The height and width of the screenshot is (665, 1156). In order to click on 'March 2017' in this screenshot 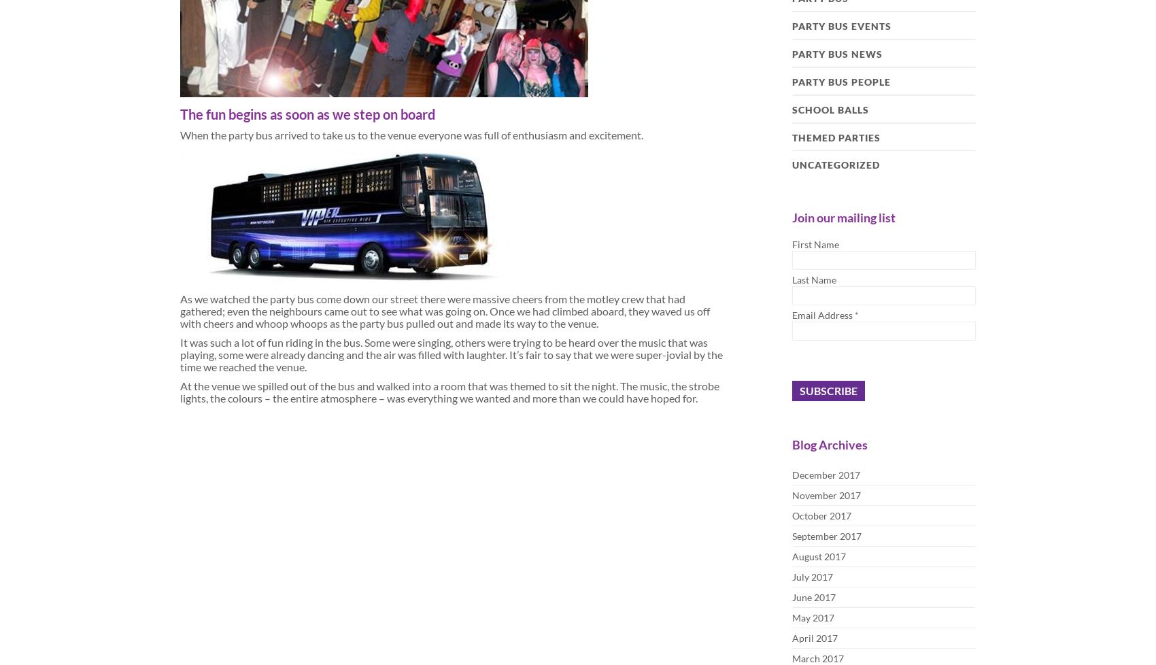, I will do `click(817, 658)`.